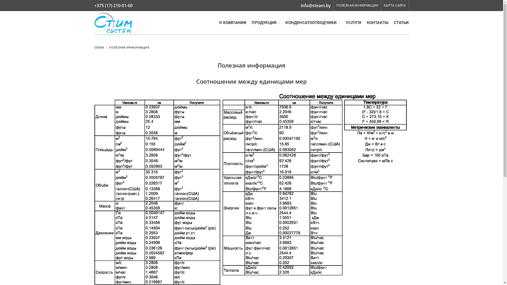  What do you see at coordinates (99, 47) in the screenshot?
I see `'STEAM'` at bounding box center [99, 47].